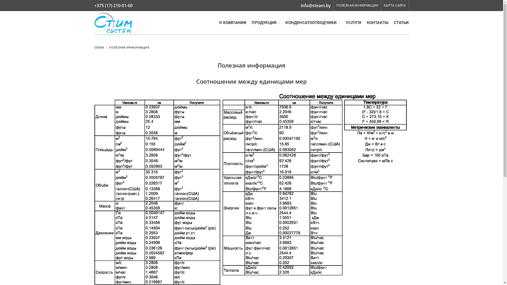  What do you see at coordinates (99, 47) in the screenshot?
I see `'STEAM'` at bounding box center [99, 47].